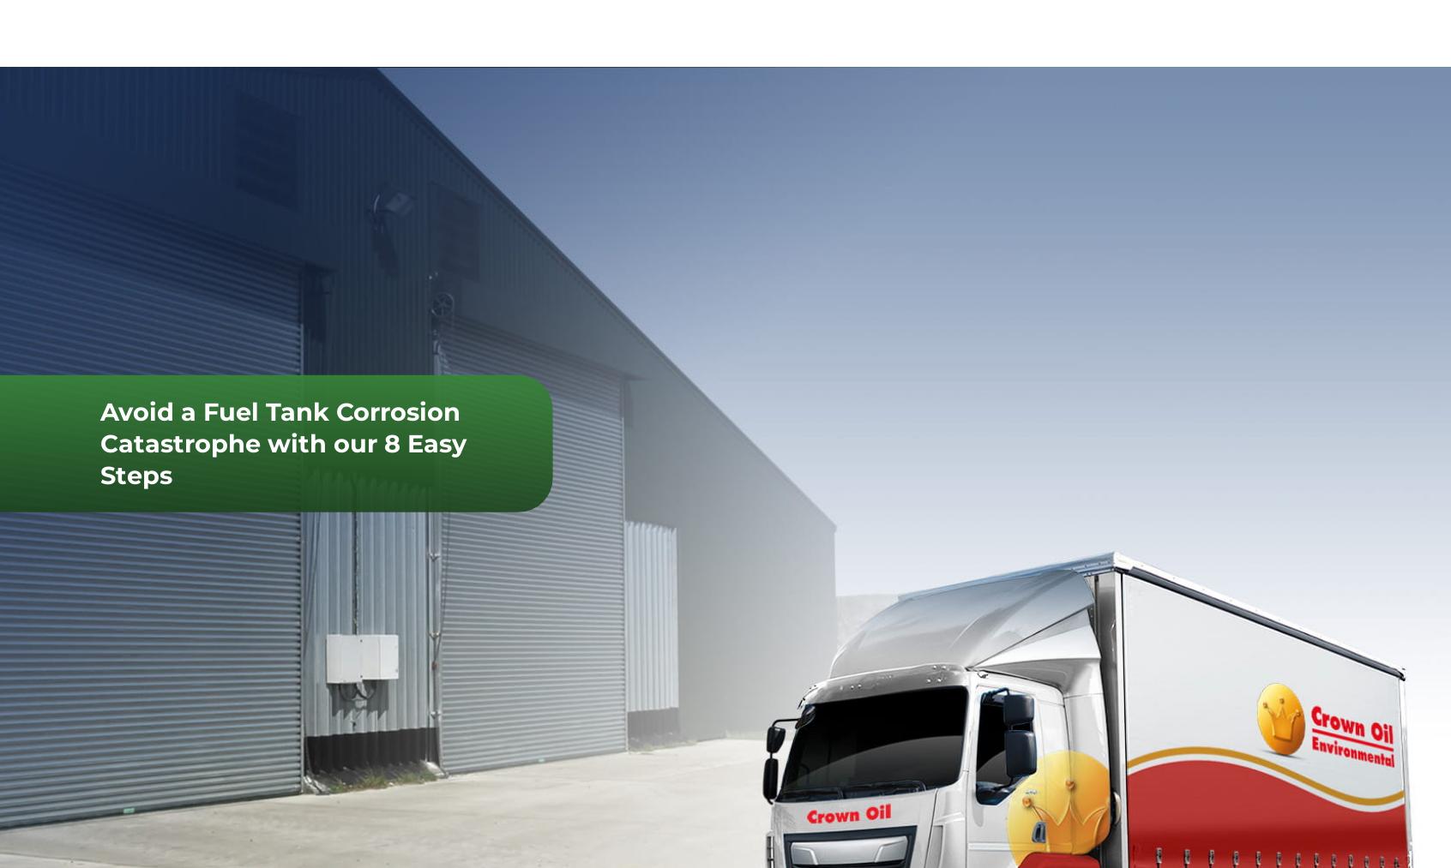 The width and height of the screenshot is (1451, 868). I want to click on 'Postcode', so click(1197, 704).